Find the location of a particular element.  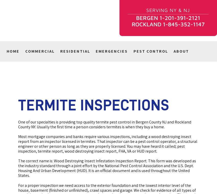

'Emergencies' is located at coordinates (95, 51).